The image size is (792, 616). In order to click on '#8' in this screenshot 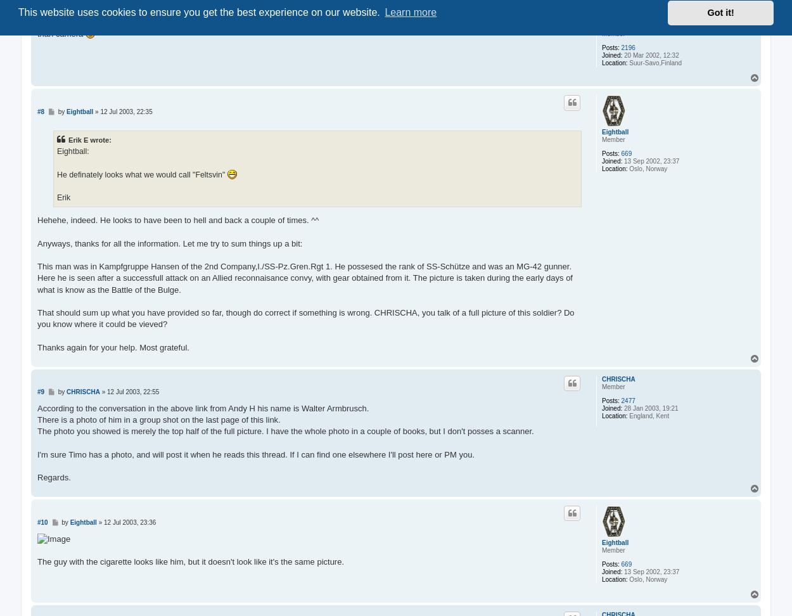, I will do `click(40, 111)`.